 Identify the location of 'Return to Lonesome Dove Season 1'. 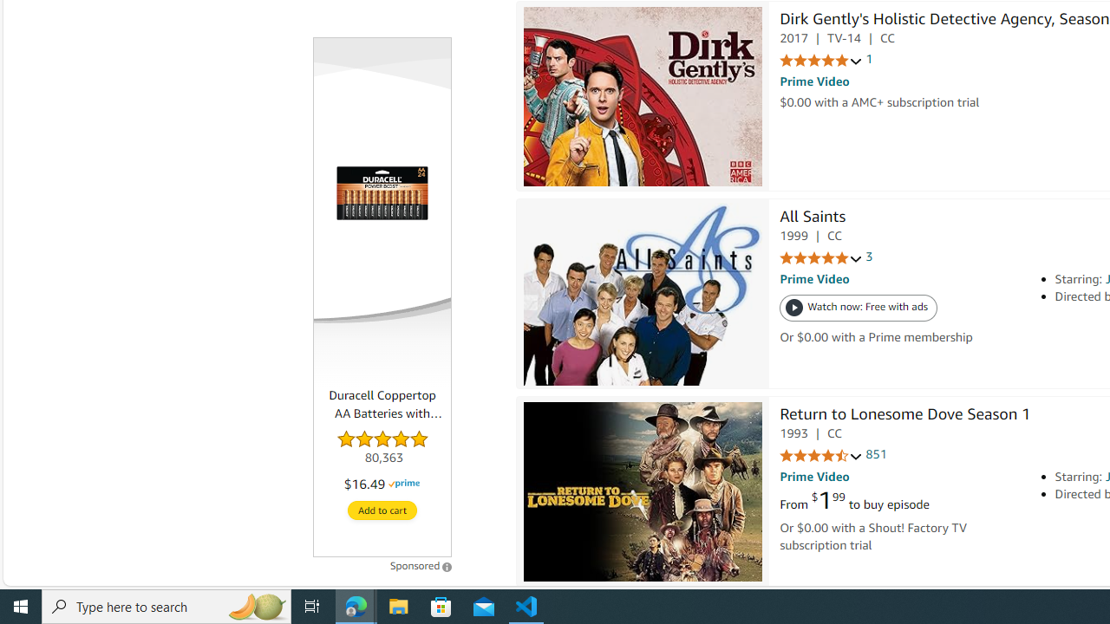
(904, 416).